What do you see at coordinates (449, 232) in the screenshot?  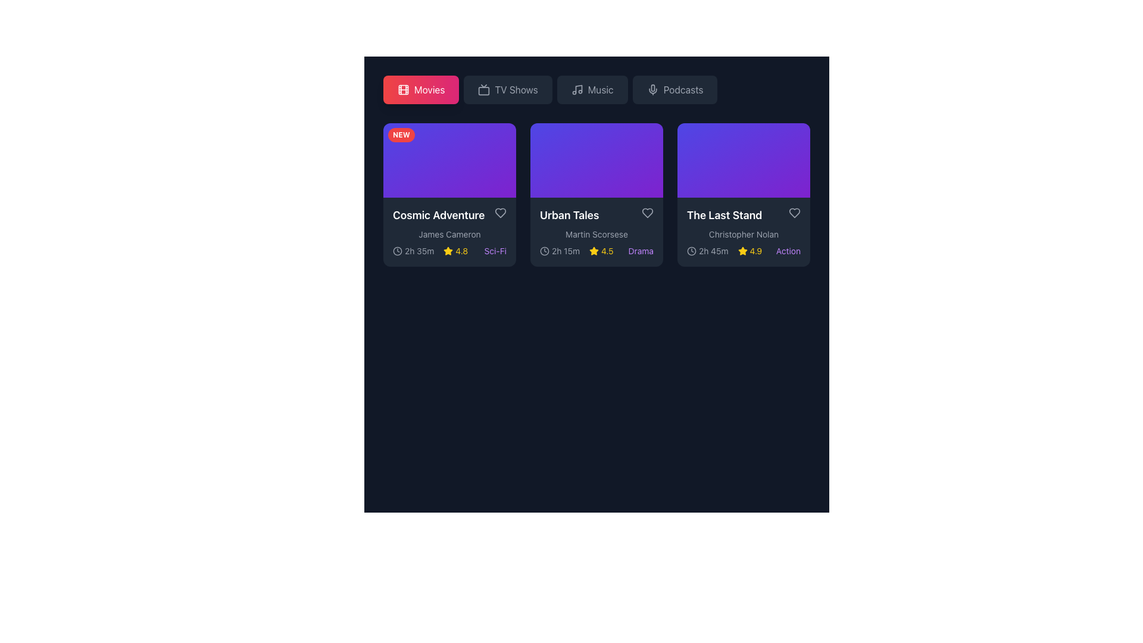 I see `the Information card section of the movie titled 'Cosmic Adventure' located at the bottom of the first card with a purple gradient header labeled 'NEW'` at bounding box center [449, 232].